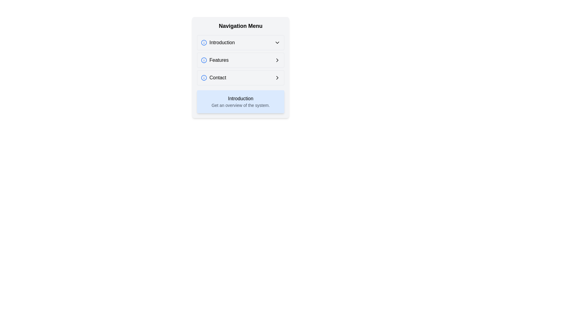 Image resolution: width=582 pixels, height=327 pixels. What do you see at coordinates (204, 42) in the screenshot?
I see `the introduction section icon located in the upper left corner of the first entry of the vertical navigation menu within the 'Navigation Menu' box` at bounding box center [204, 42].